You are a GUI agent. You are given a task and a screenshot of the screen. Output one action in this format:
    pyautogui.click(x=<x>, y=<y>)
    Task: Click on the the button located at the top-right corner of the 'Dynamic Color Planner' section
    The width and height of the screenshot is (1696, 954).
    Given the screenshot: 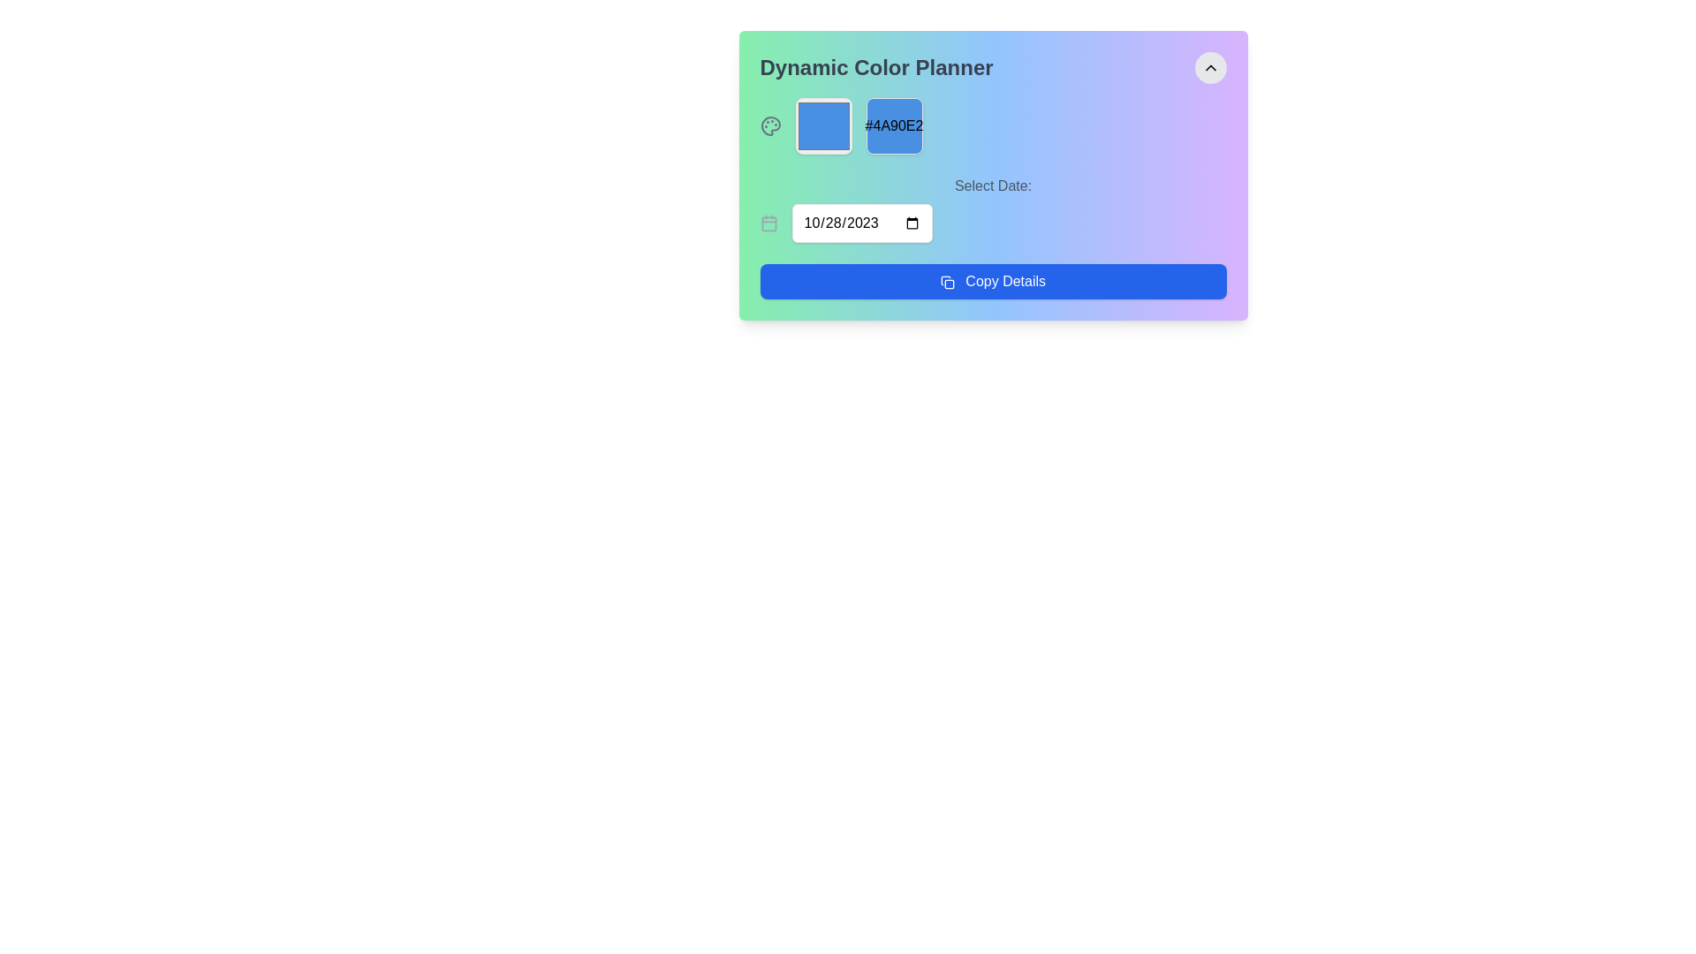 What is the action you would take?
    pyautogui.click(x=1209, y=67)
    